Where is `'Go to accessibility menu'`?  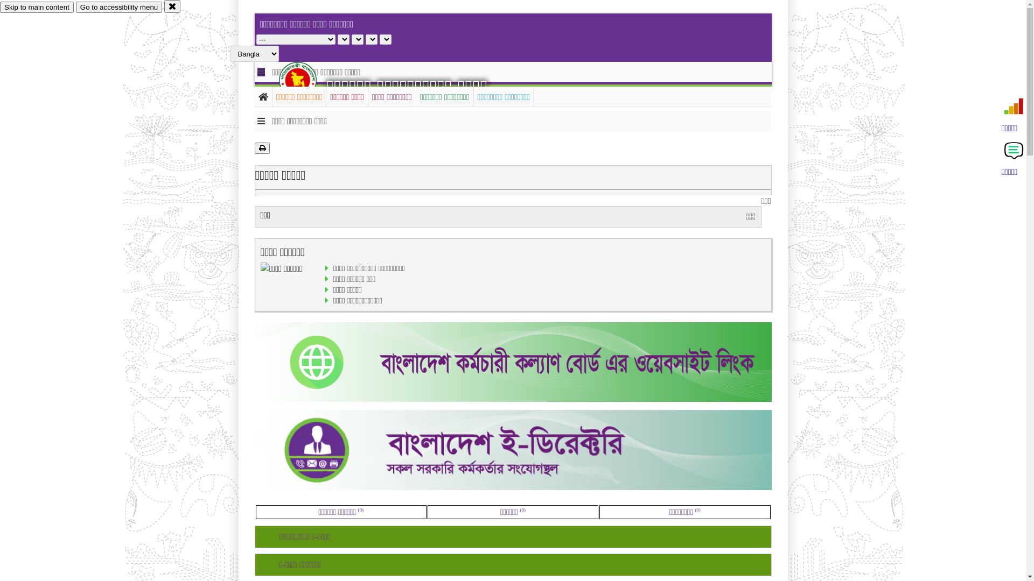
'Go to accessibility menu' is located at coordinates (118, 7).